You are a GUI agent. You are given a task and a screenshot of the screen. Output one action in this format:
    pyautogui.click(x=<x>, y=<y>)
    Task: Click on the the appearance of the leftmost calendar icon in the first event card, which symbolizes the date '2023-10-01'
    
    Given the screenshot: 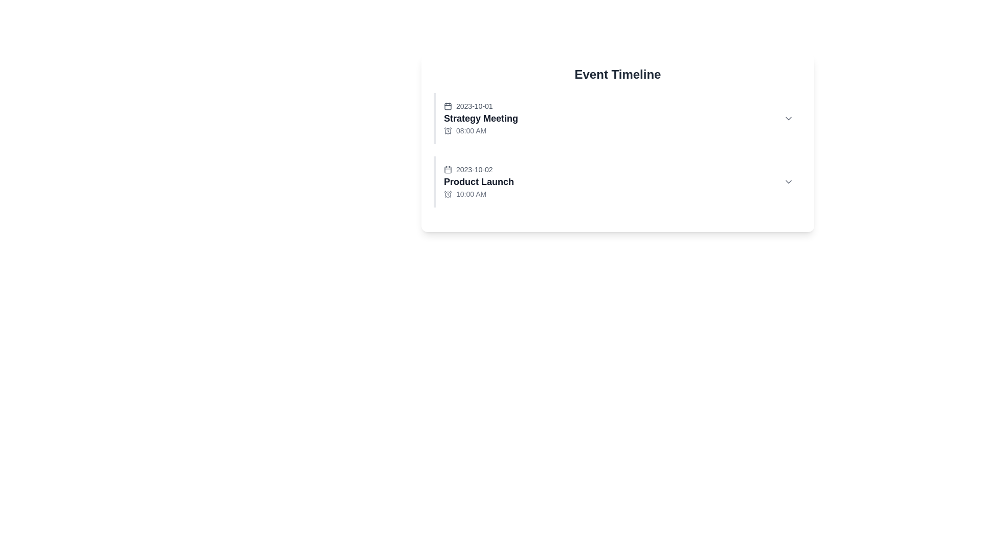 What is the action you would take?
    pyautogui.click(x=448, y=106)
    